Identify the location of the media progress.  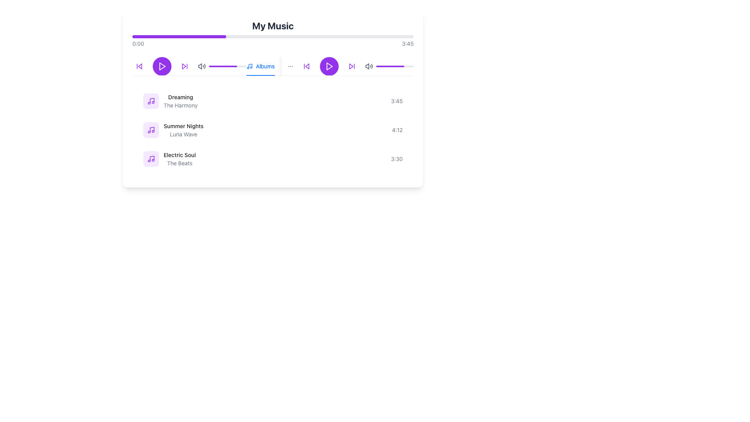
(170, 36).